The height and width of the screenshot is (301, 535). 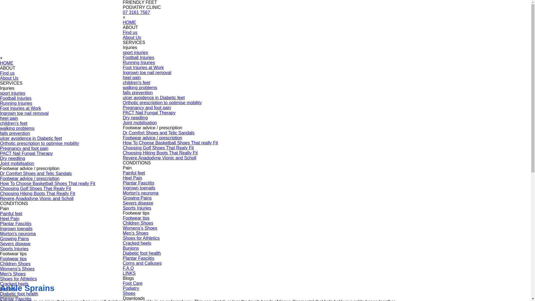 I want to click on 'How To Choose Basketball Shoes That really Fit', so click(x=170, y=142).